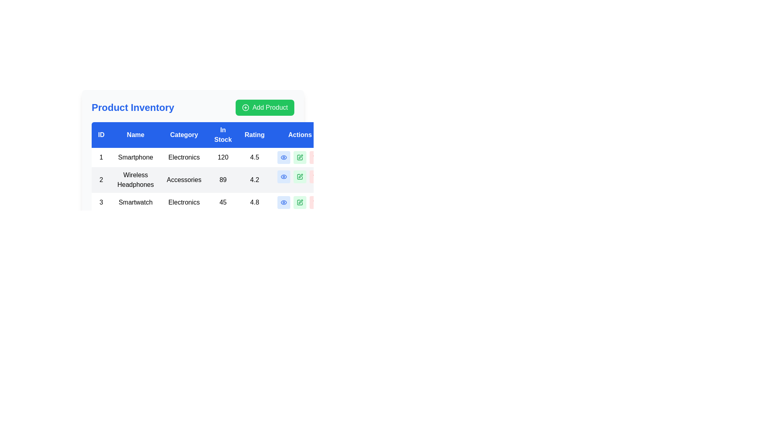  I want to click on the green icon button featuring a square with a pen overlay, located in the 'Actions' column of the last row in the product table, so click(300, 202).